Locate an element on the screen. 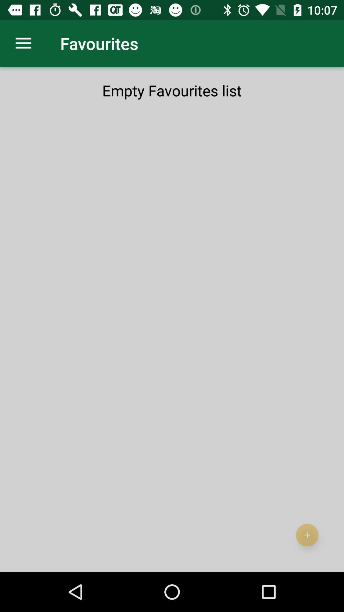 Image resolution: width=344 pixels, height=612 pixels. item above empty favourites list is located at coordinates (23, 43).